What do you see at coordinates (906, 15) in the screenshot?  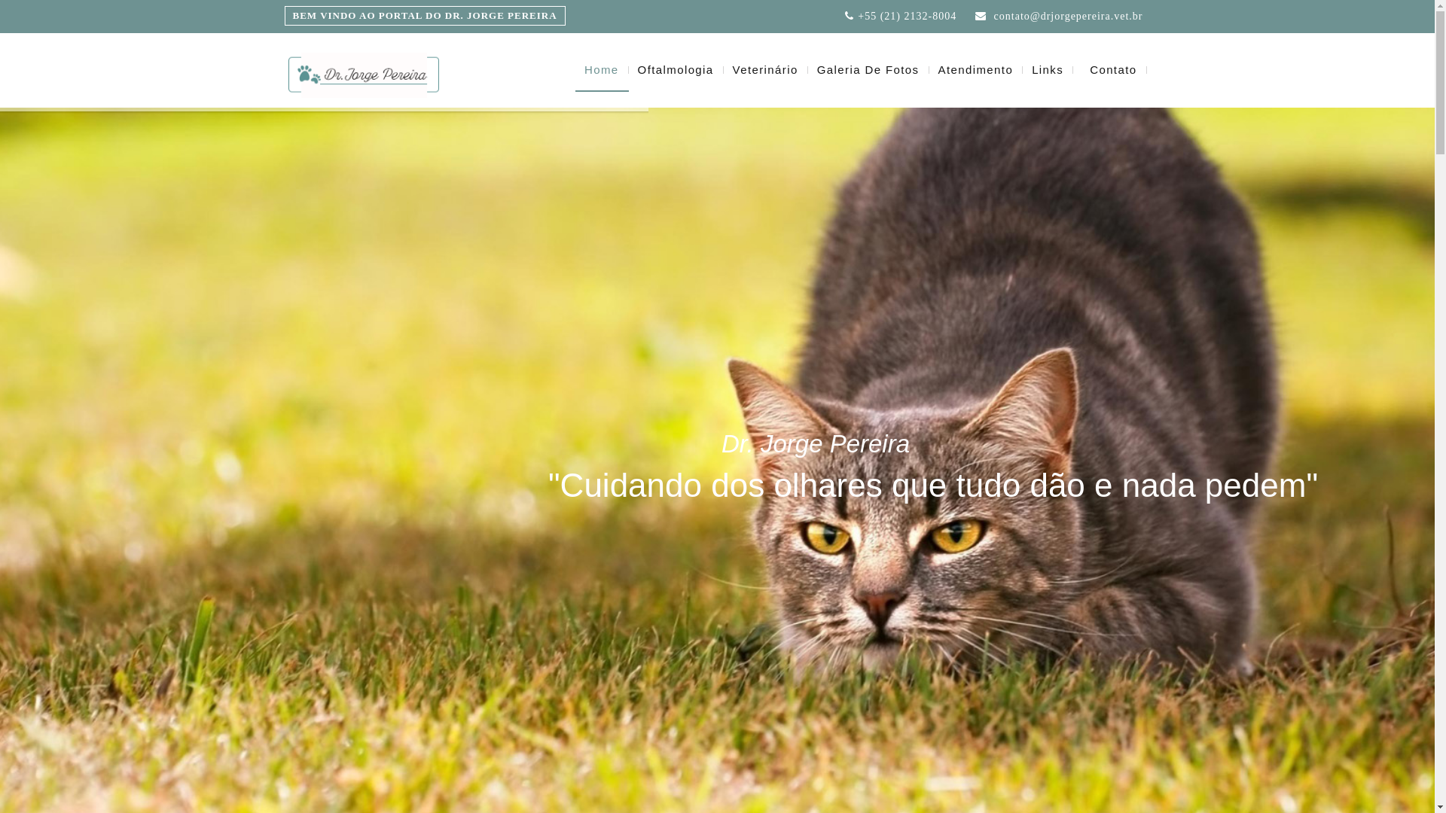 I see `'+55 (21) 2132-8004'` at bounding box center [906, 15].